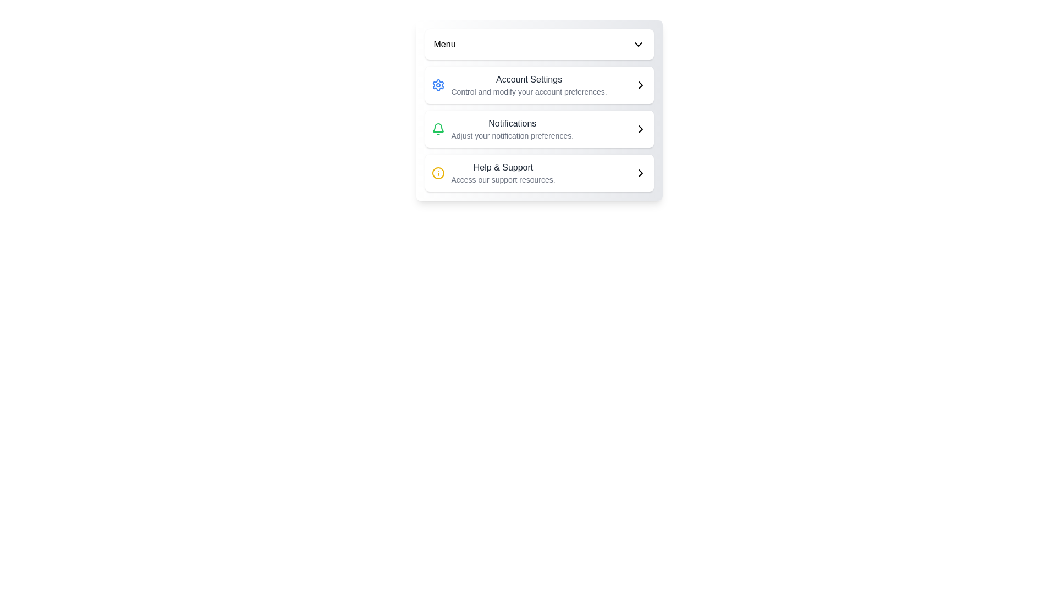  I want to click on the downward-pointing chevron arrow icon located at the top-right corner of the menu header, so click(638, 44).